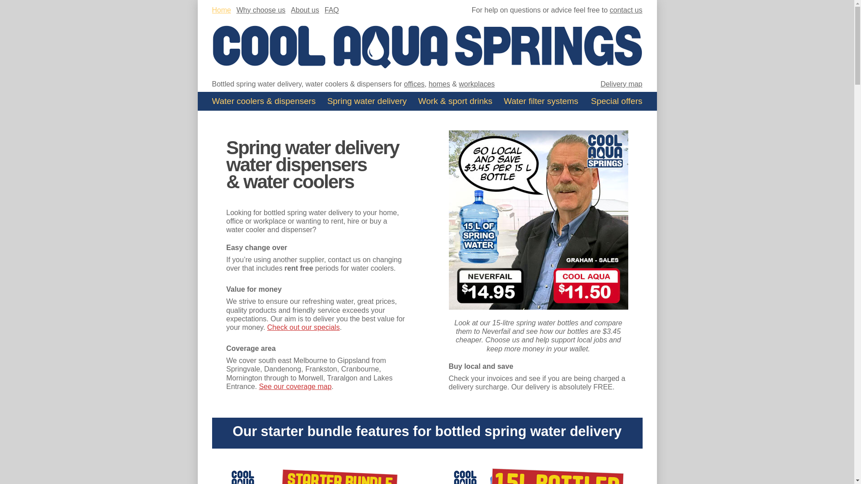  I want to click on 'Water filter systems', so click(540, 101).